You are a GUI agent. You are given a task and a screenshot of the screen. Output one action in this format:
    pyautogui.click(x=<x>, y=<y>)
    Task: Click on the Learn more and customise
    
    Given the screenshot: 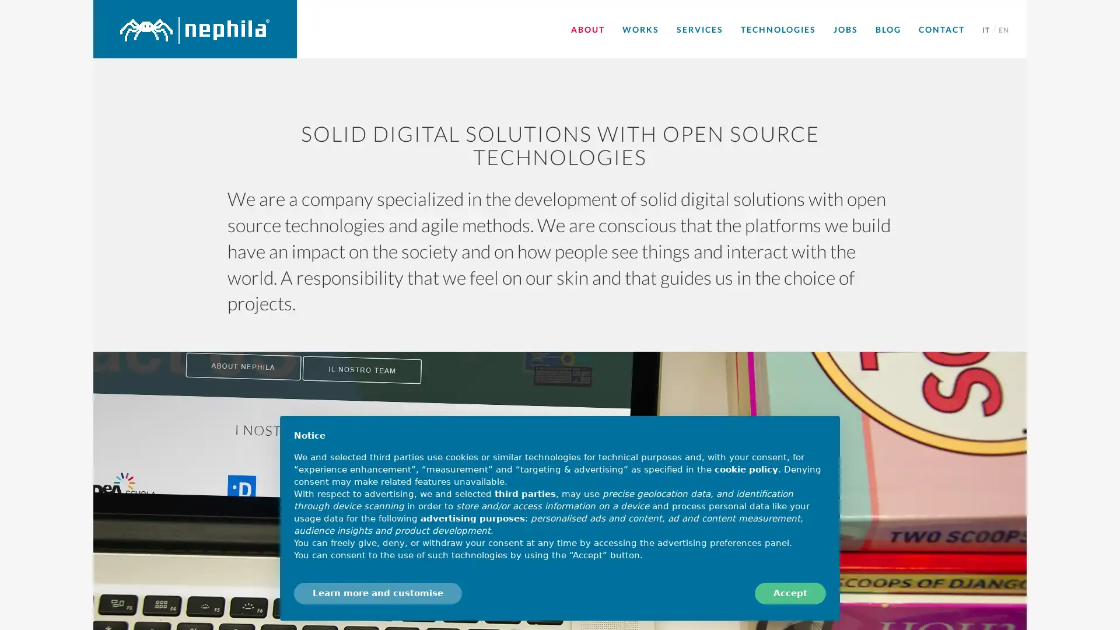 What is the action you would take?
    pyautogui.click(x=378, y=593)
    